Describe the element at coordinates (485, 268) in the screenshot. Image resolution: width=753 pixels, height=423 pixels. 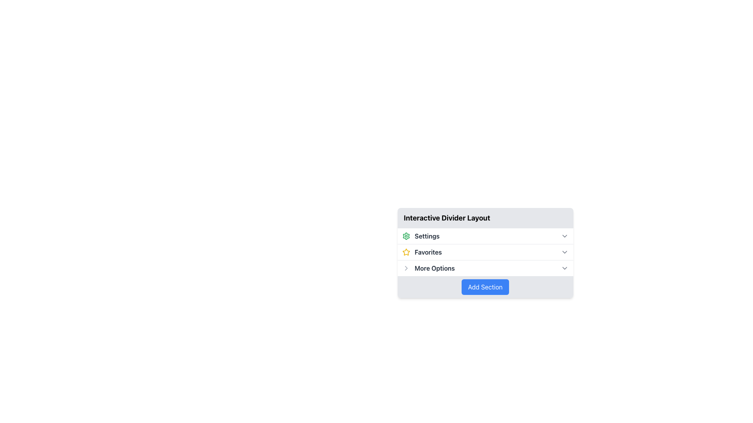
I see `the 'More Options' collapsible menu item, which is the third item in the 'Interactive Divider Layout' list` at that location.